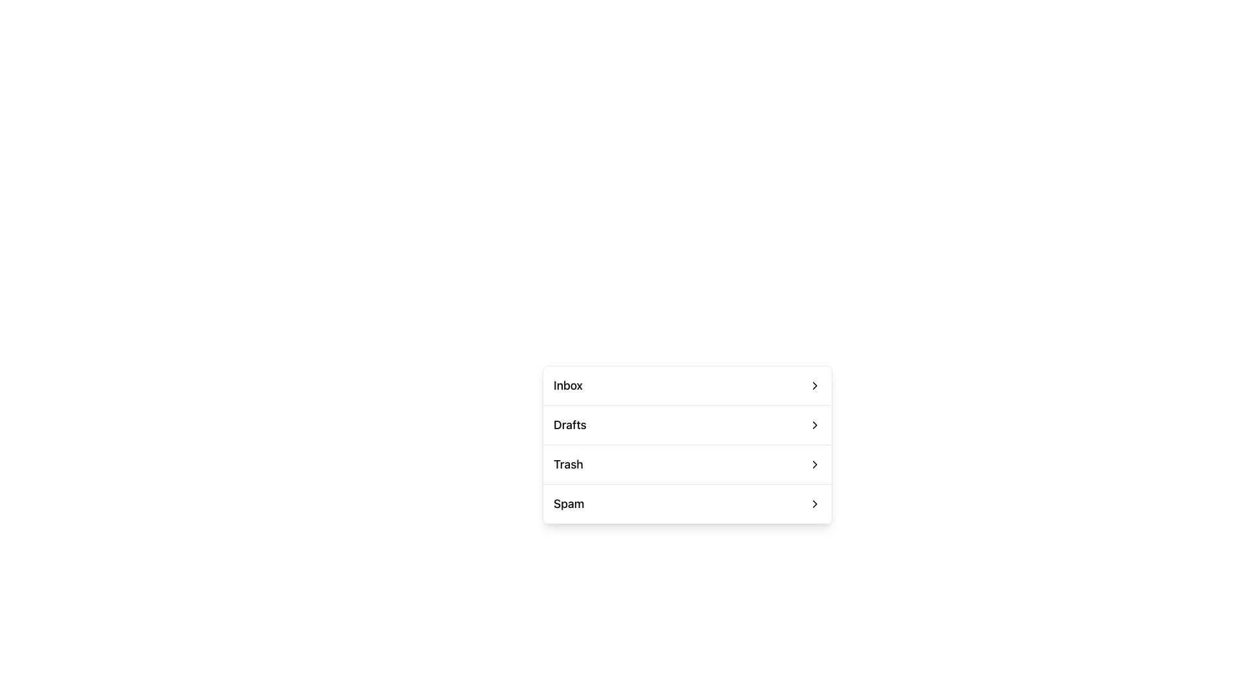 The height and width of the screenshot is (698, 1242). I want to click on the right-pointing chevron icon indicating navigation next to the 'Drafts' item for highlighting, so click(814, 425).